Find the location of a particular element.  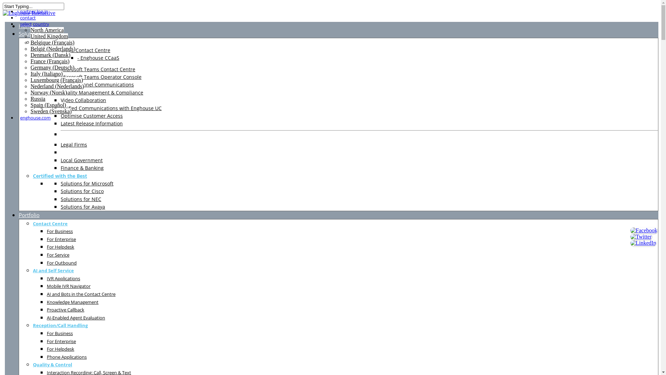

'Solutions for Cisco' is located at coordinates (82, 191).